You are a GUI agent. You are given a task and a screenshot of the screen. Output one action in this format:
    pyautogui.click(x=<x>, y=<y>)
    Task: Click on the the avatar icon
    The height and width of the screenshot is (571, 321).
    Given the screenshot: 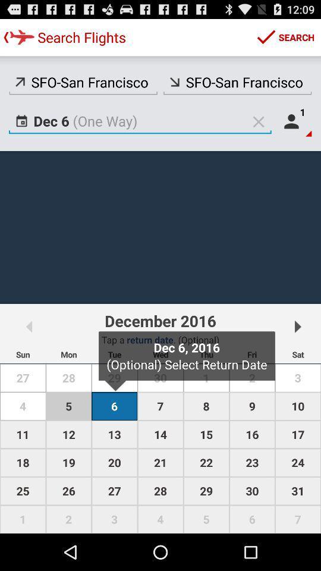 What is the action you would take?
    pyautogui.click(x=294, y=130)
    